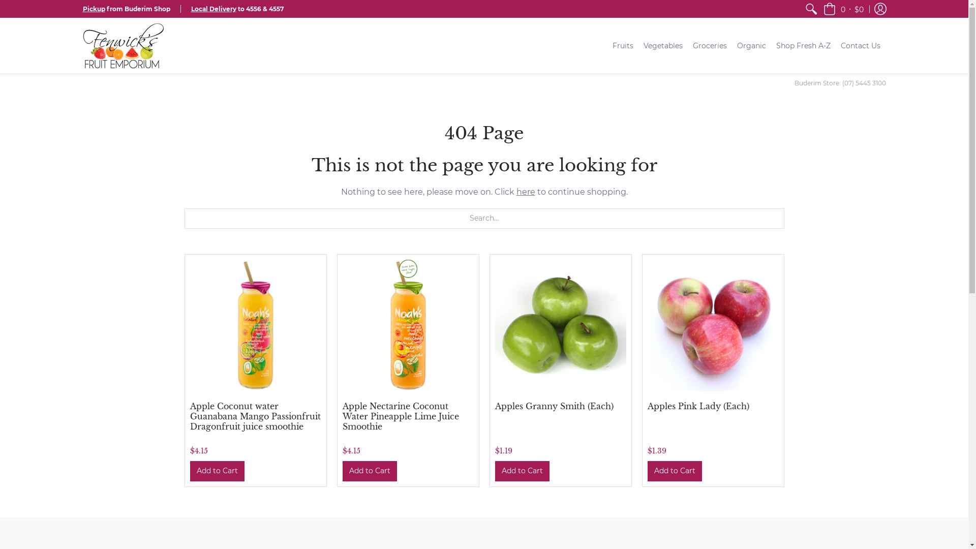  What do you see at coordinates (82, 9) in the screenshot?
I see `'Pickup'` at bounding box center [82, 9].